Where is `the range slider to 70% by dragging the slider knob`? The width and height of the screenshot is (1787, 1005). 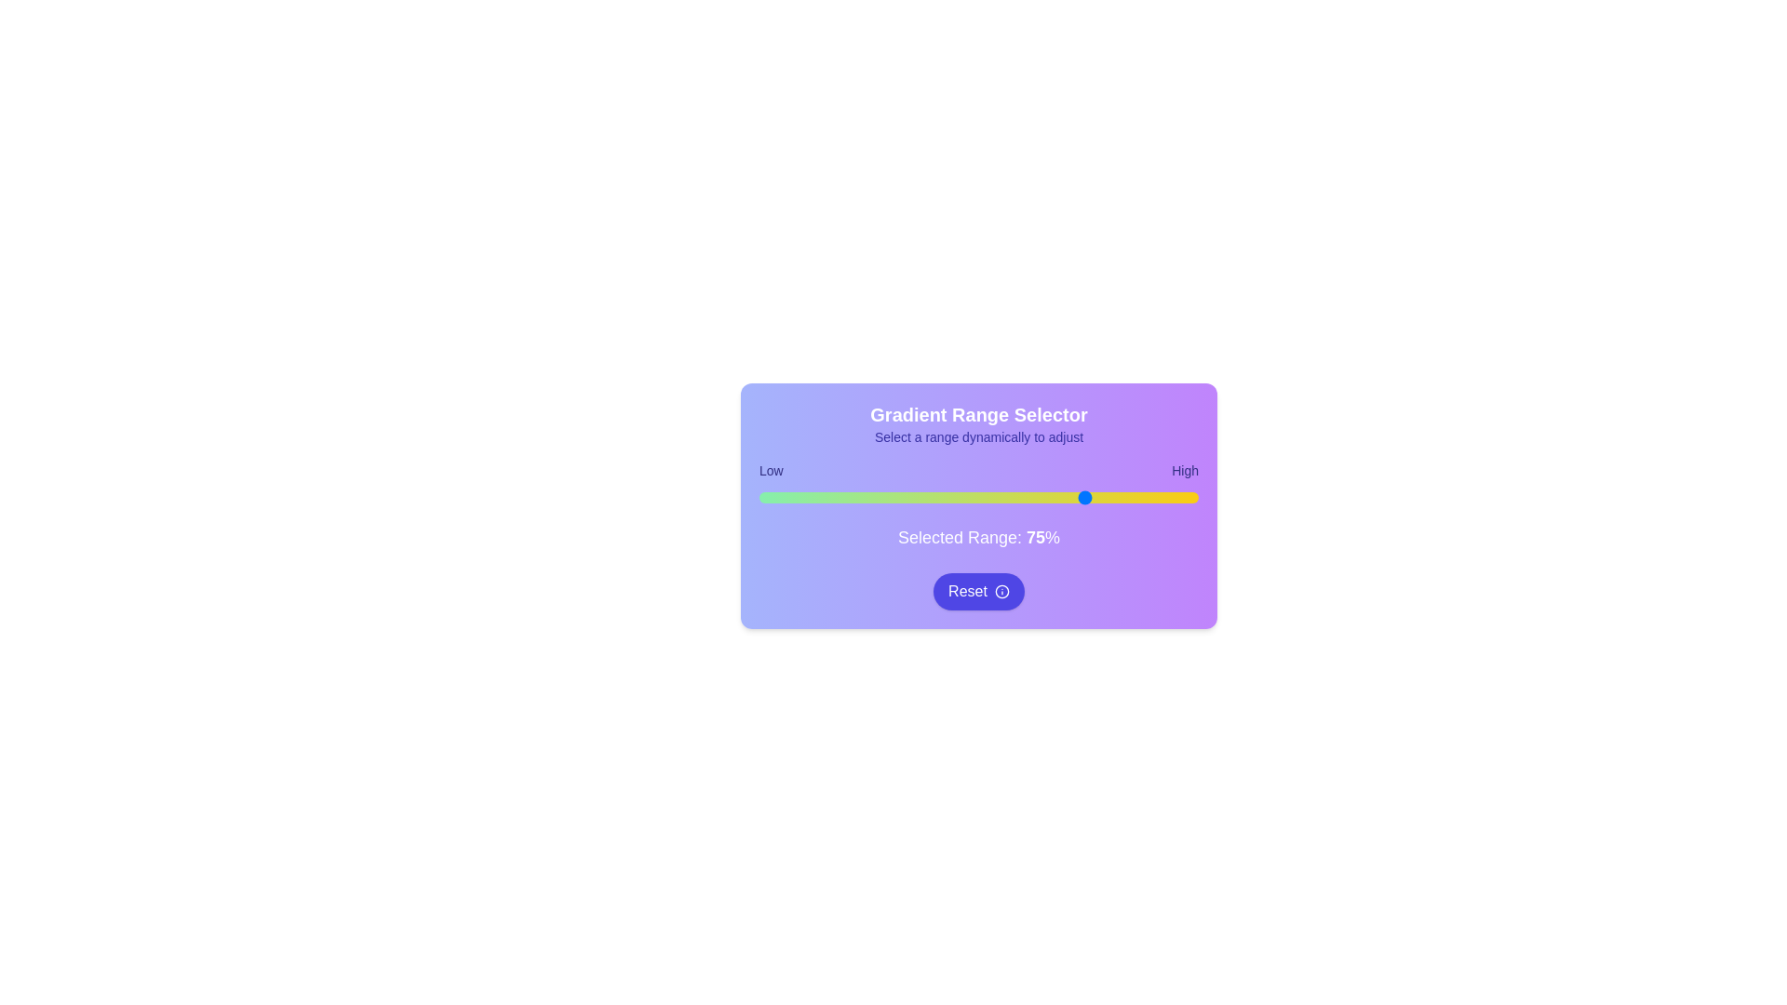 the range slider to 70% by dragging the slider knob is located at coordinates (1067, 497).